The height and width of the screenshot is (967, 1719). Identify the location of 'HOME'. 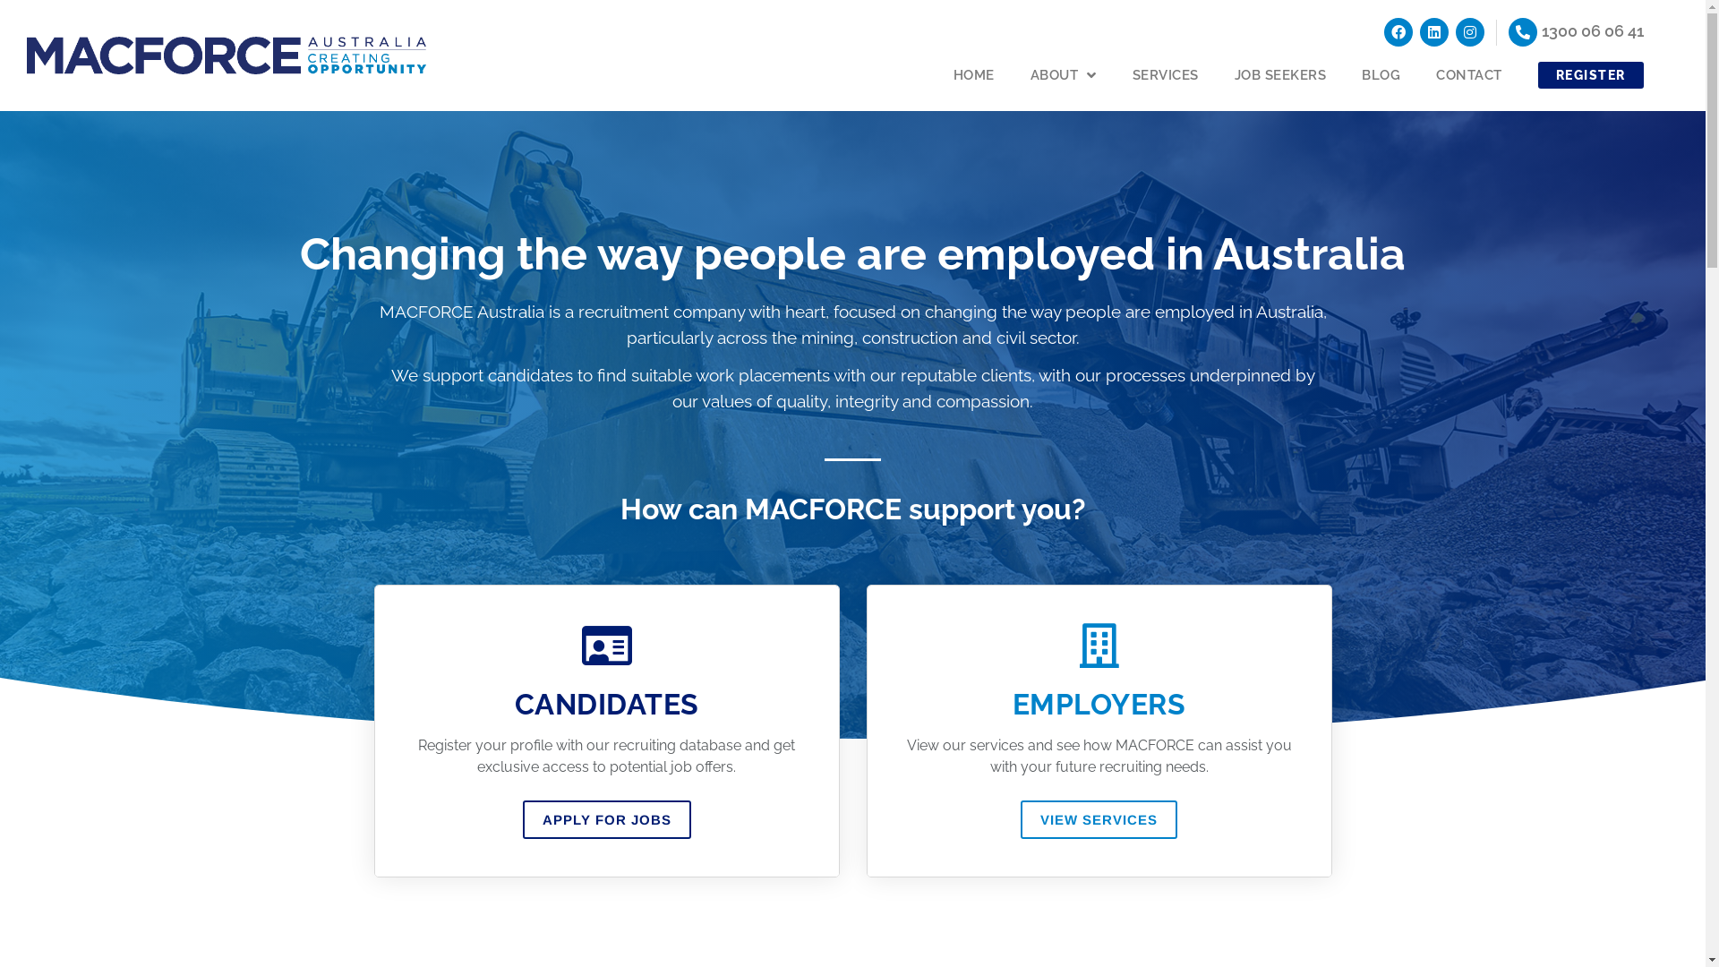
(973, 74).